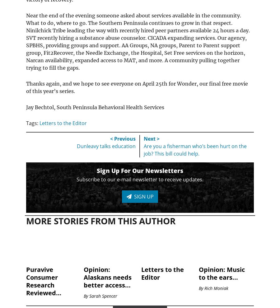 This screenshot has height=308, width=280. What do you see at coordinates (26, 107) in the screenshot?
I see `'Jay Bechtol, South Peninsula Behavioral Health Services'` at bounding box center [26, 107].